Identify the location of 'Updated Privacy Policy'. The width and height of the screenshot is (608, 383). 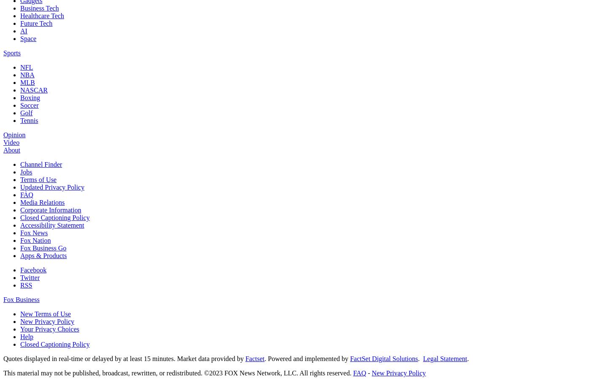
(52, 186).